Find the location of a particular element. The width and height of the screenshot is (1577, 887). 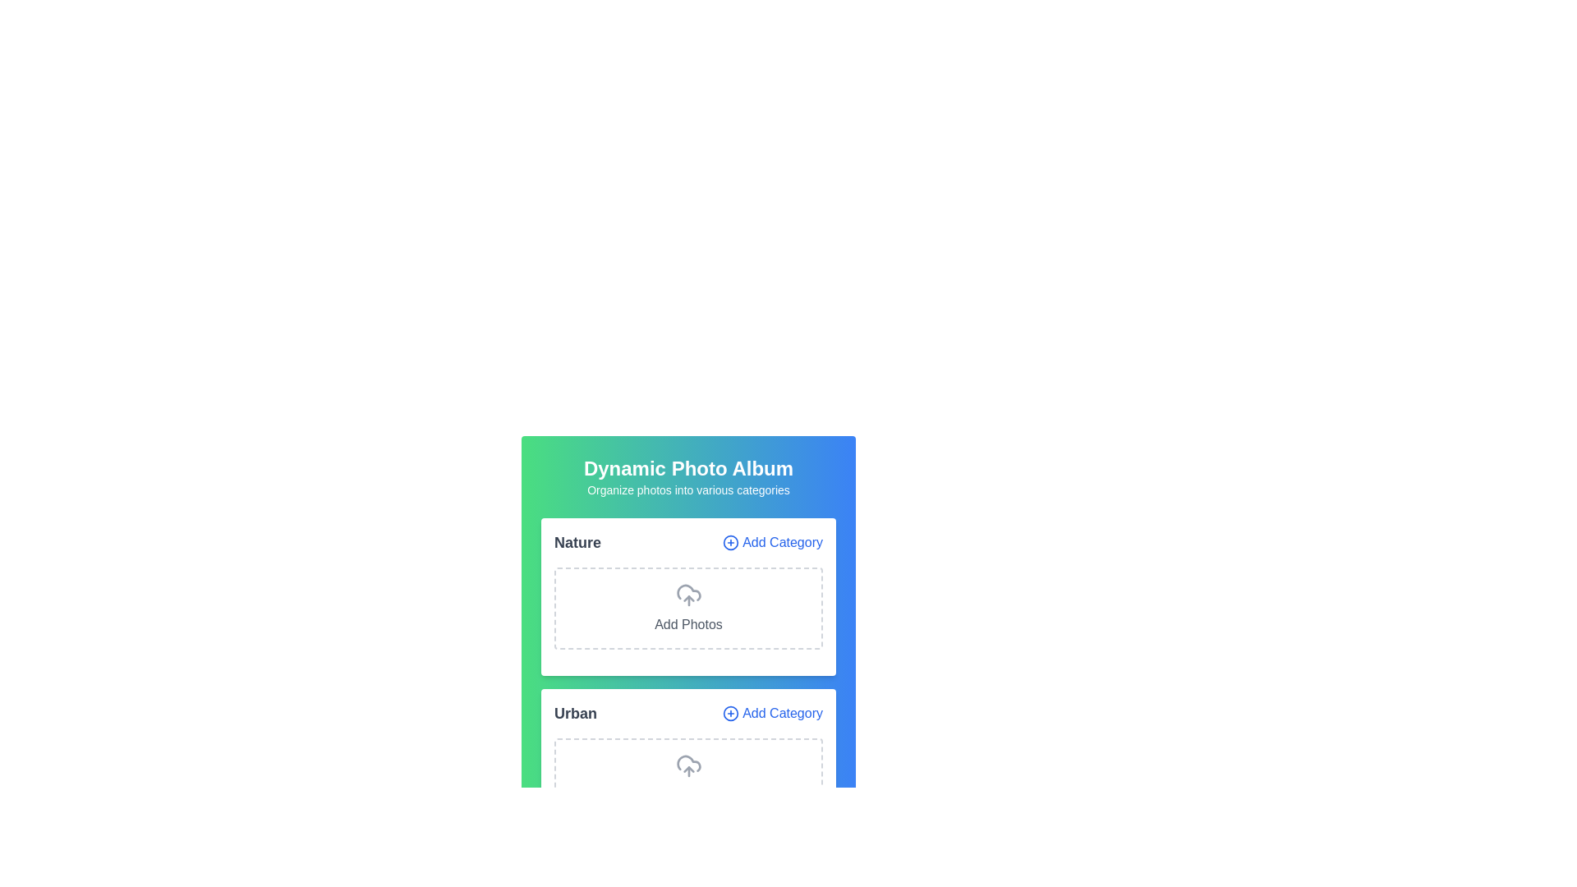

the small circular icon button with a plus sign located inside the 'Add Category' component is located at coordinates (730, 542).